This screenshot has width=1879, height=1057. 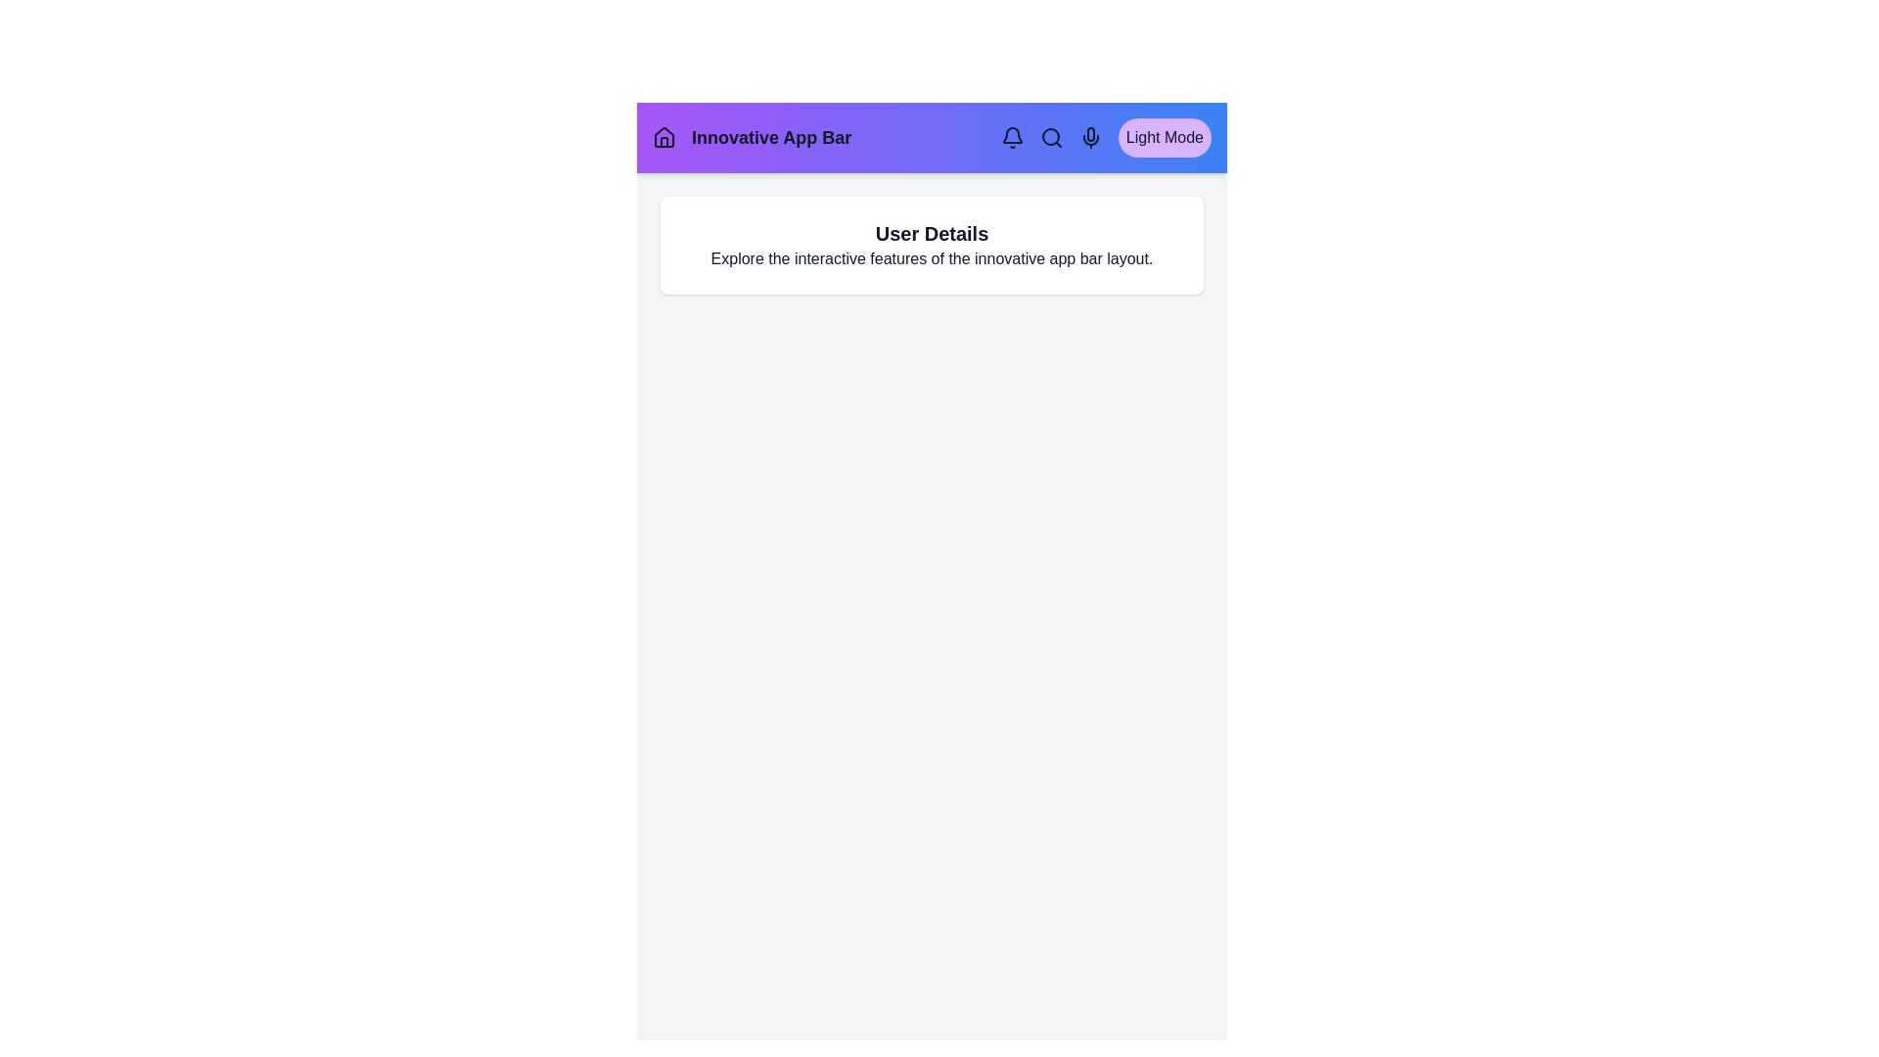 What do you see at coordinates (1011, 137) in the screenshot?
I see `the navigation element Bell` at bounding box center [1011, 137].